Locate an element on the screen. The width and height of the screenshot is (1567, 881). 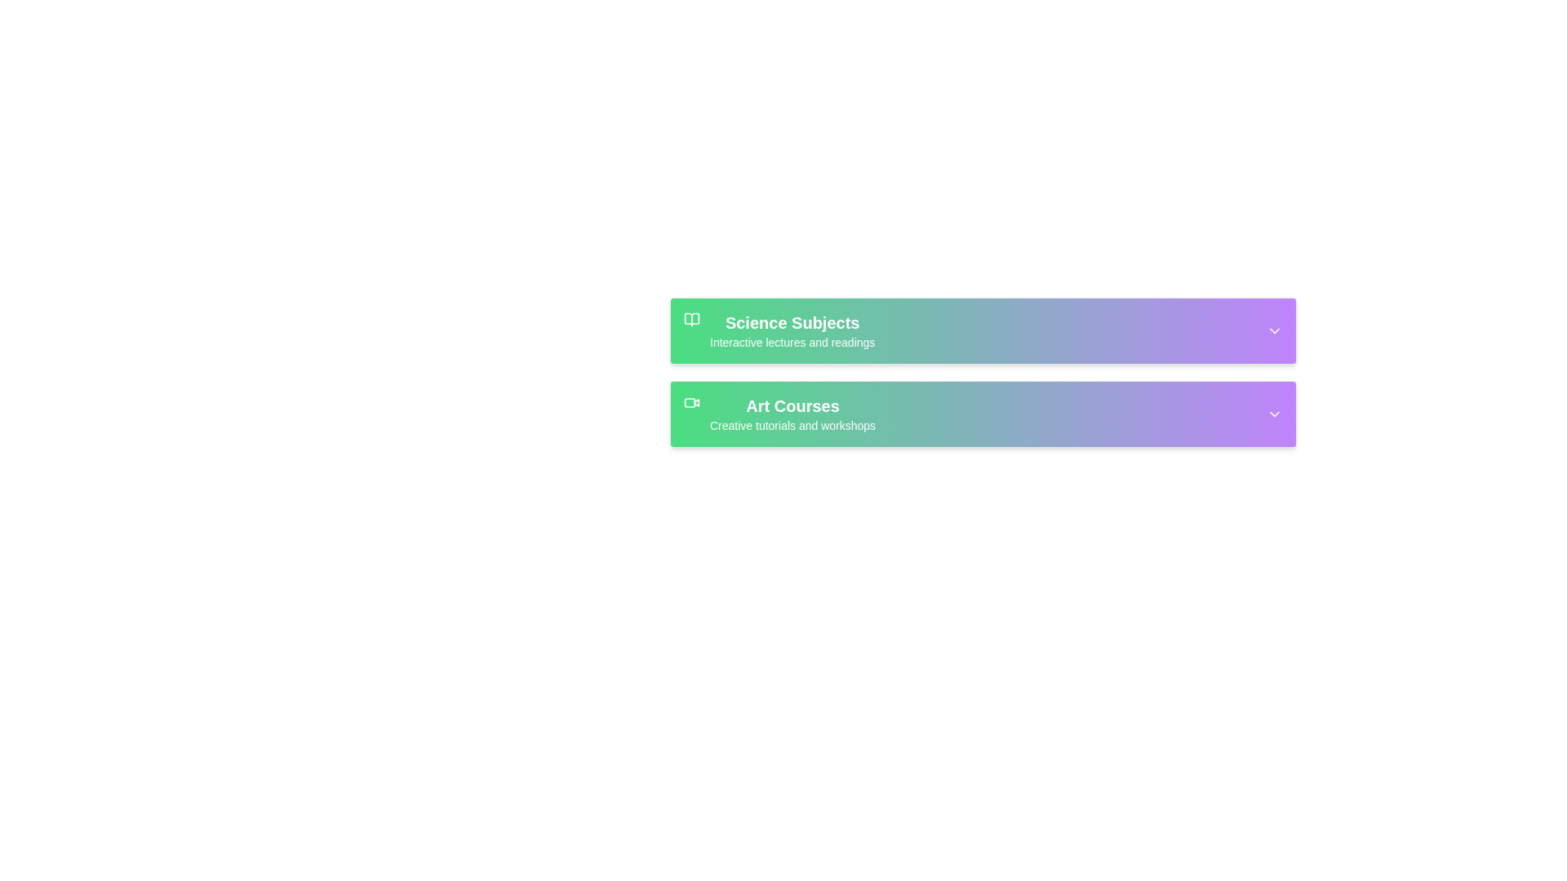
the chevron-down icon located at the right end of the 'Science Subjects' section for keyboard navigation is located at coordinates (1273, 330).